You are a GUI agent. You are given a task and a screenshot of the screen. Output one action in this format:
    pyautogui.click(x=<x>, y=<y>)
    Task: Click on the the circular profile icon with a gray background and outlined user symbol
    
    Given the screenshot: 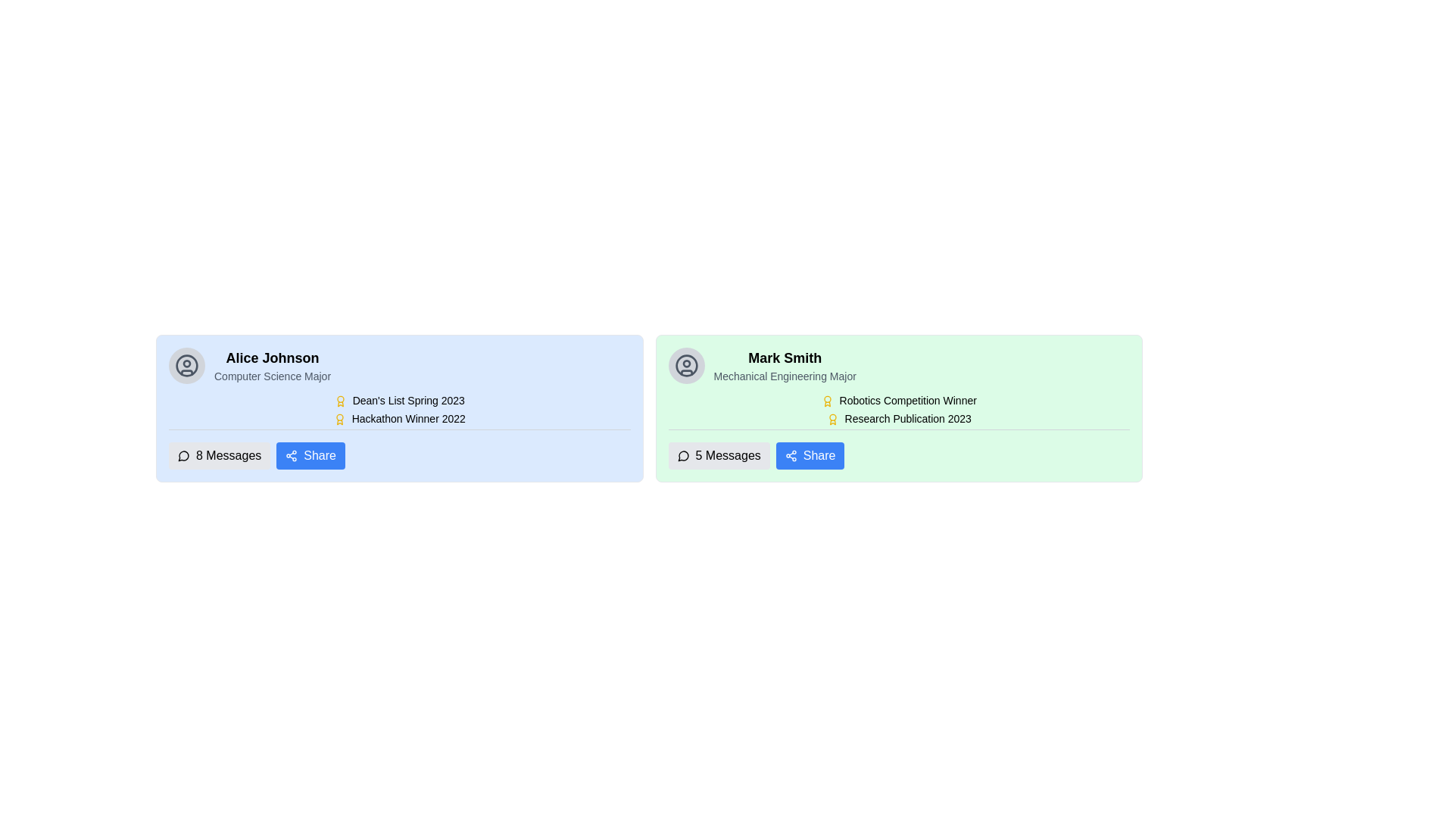 What is the action you would take?
    pyautogui.click(x=685, y=365)
    